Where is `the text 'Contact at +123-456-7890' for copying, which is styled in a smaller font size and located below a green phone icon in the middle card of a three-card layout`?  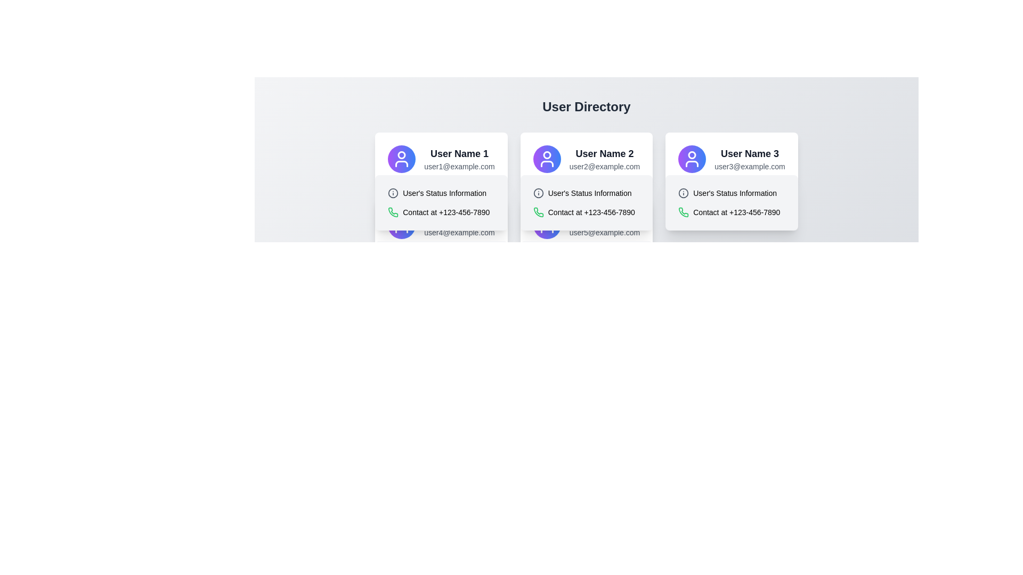 the text 'Contact at +123-456-7890' for copying, which is styled in a smaller font size and located below a green phone icon in the middle card of a three-card layout is located at coordinates (446, 212).